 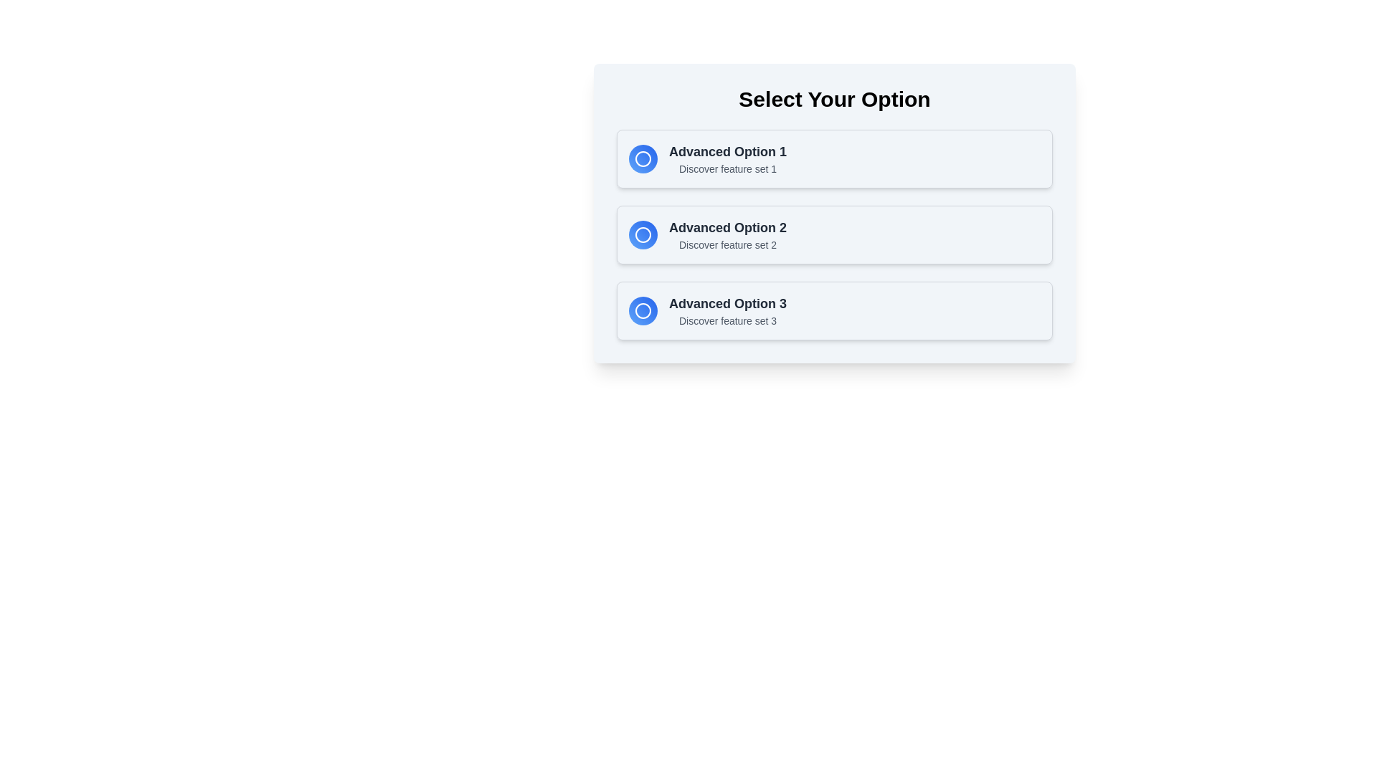 What do you see at coordinates (643, 310) in the screenshot?
I see `the visual icon representing the advanced option within the card labeled 'Advanced Option 3' by moving the cursor to its center point` at bounding box center [643, 310].